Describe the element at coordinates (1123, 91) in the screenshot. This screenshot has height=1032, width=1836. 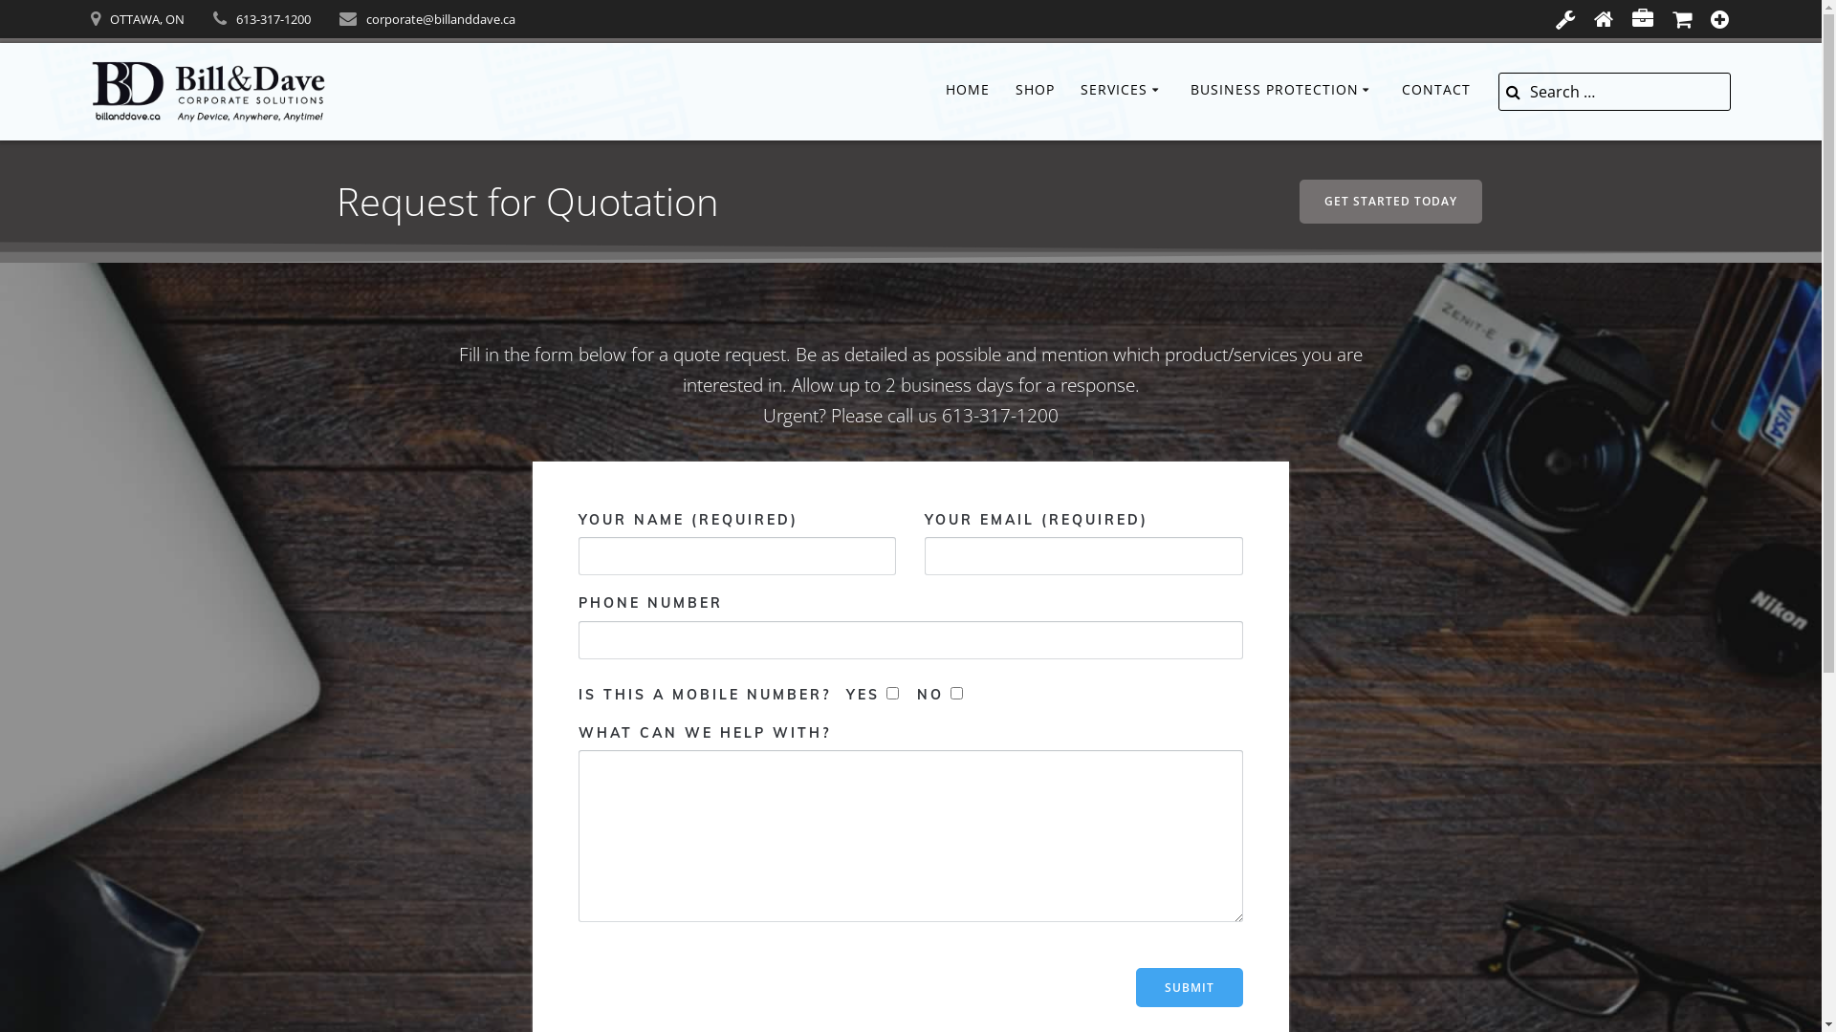
I see `'SERVICES'` at that location.